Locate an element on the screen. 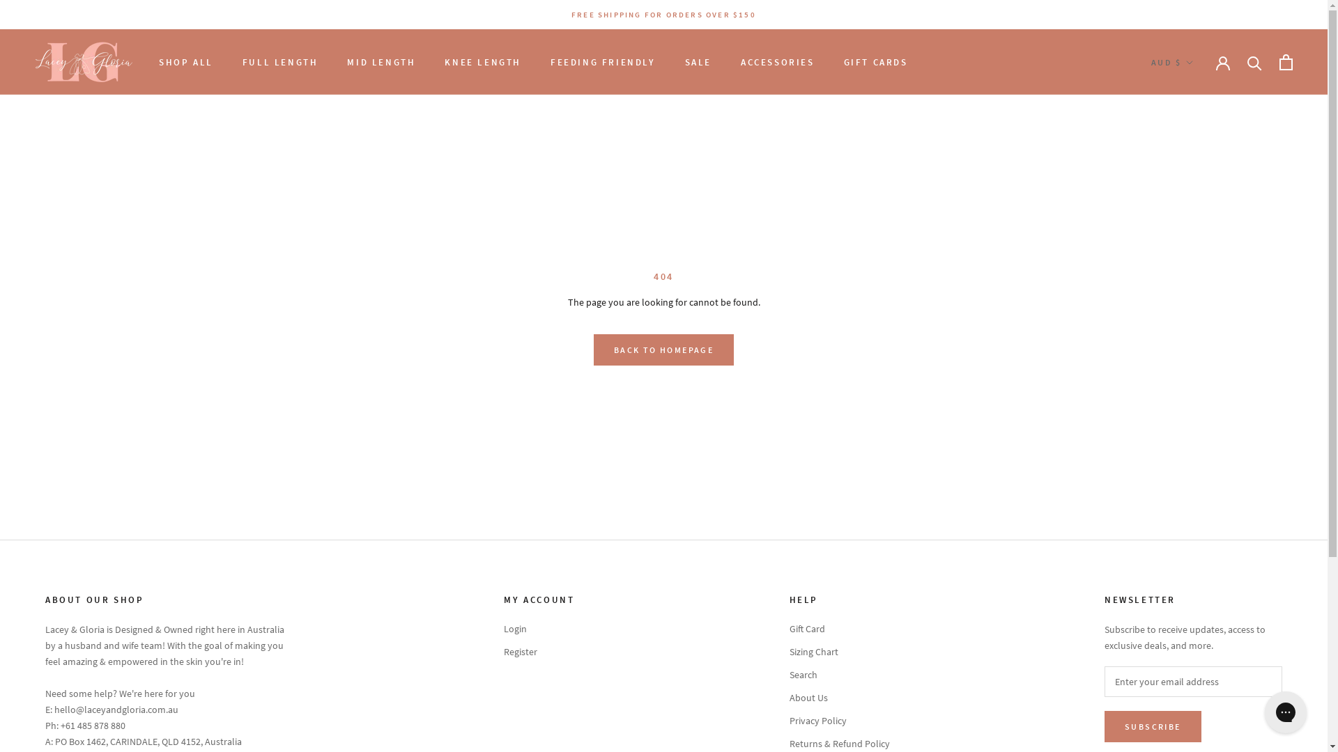 The width and height of the screenshot is (1338, 752). 'CAD' is located at coordinates (1187, 114).